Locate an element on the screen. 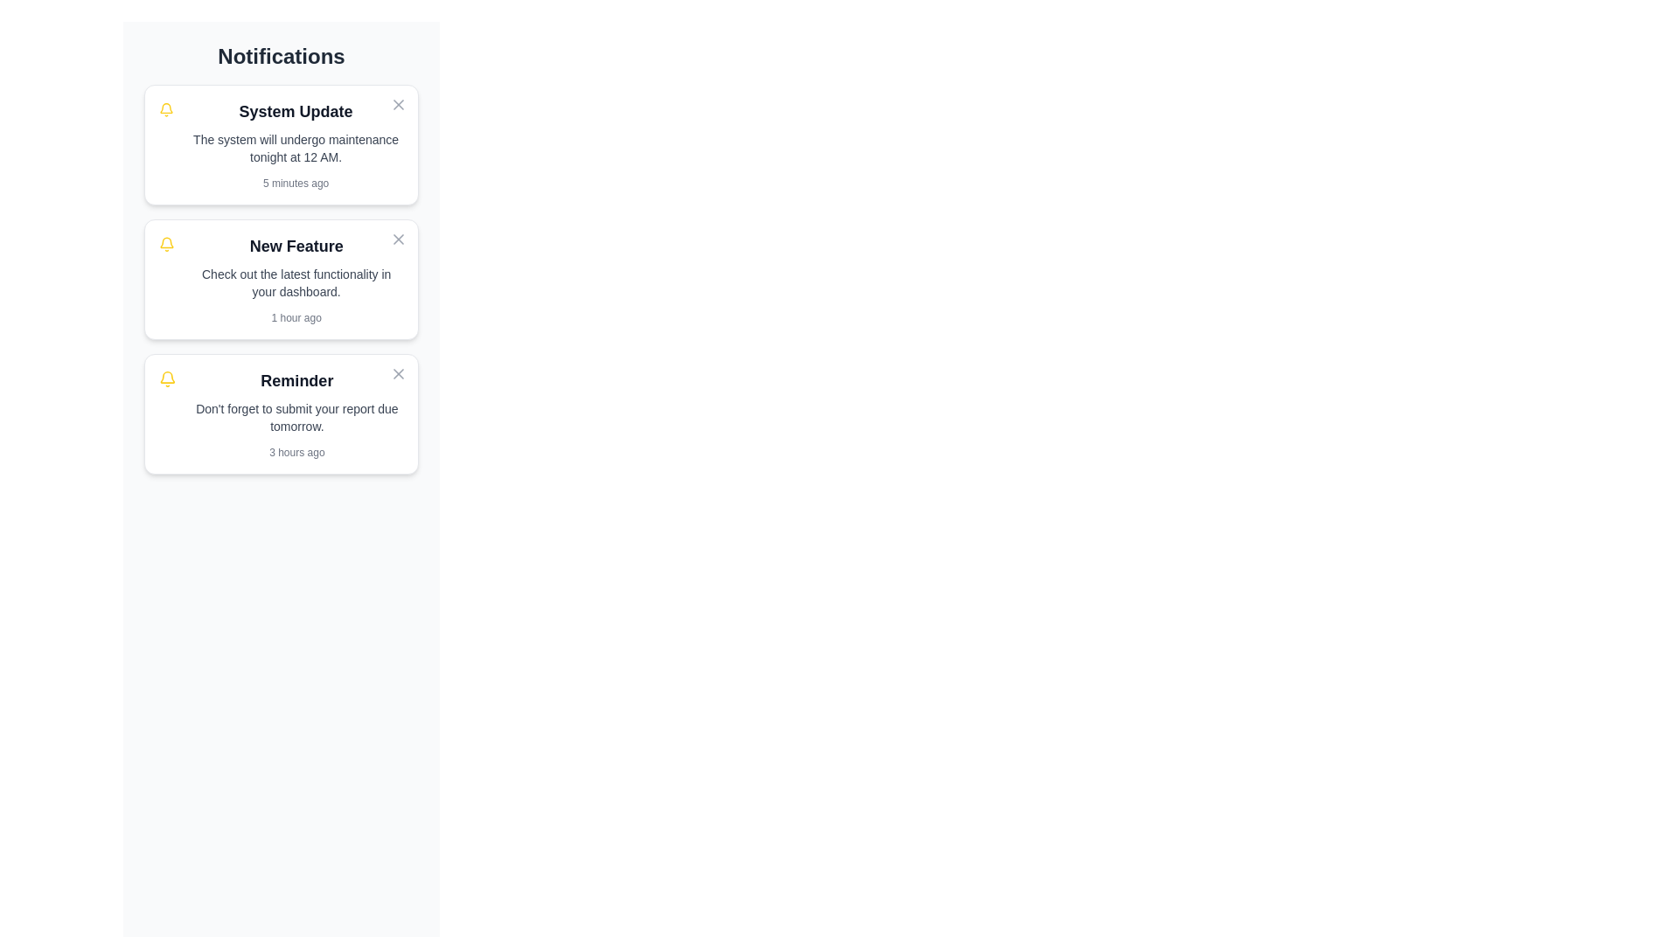  the 'System Update' text label which is styled as a prominent heading in bold and dark gray color, located at the top of the first notification card is located at coordinates (296, 111).